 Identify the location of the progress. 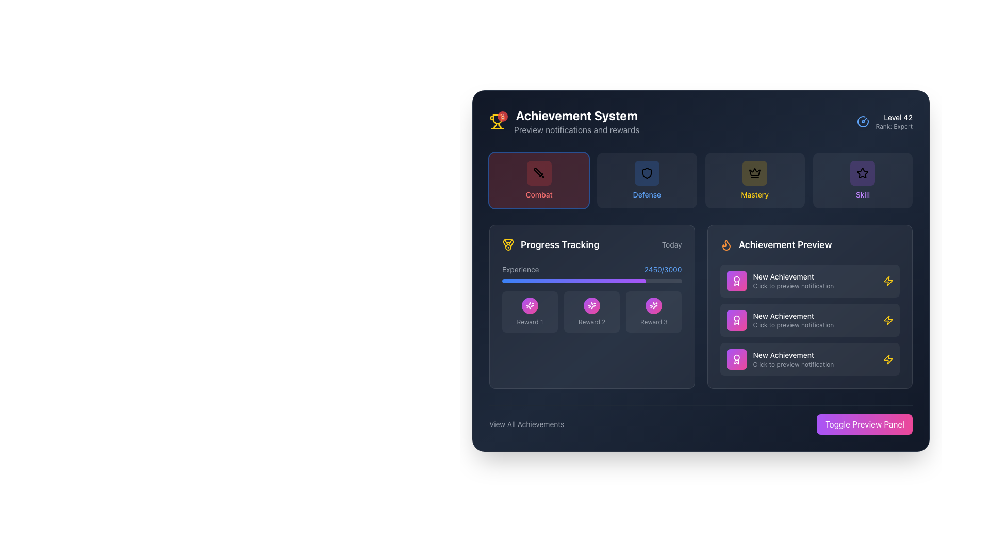
(666, 281).